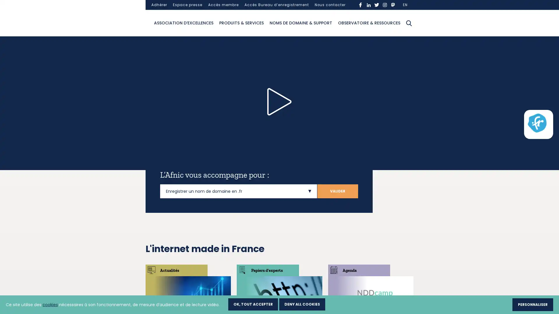 Image resolution: width=559 pixels, height=314 pixels. What do you see at coordinates (409, 22) in the screenshot?
I see `Ouvrir la recherche` at bounding box center [409, 22].